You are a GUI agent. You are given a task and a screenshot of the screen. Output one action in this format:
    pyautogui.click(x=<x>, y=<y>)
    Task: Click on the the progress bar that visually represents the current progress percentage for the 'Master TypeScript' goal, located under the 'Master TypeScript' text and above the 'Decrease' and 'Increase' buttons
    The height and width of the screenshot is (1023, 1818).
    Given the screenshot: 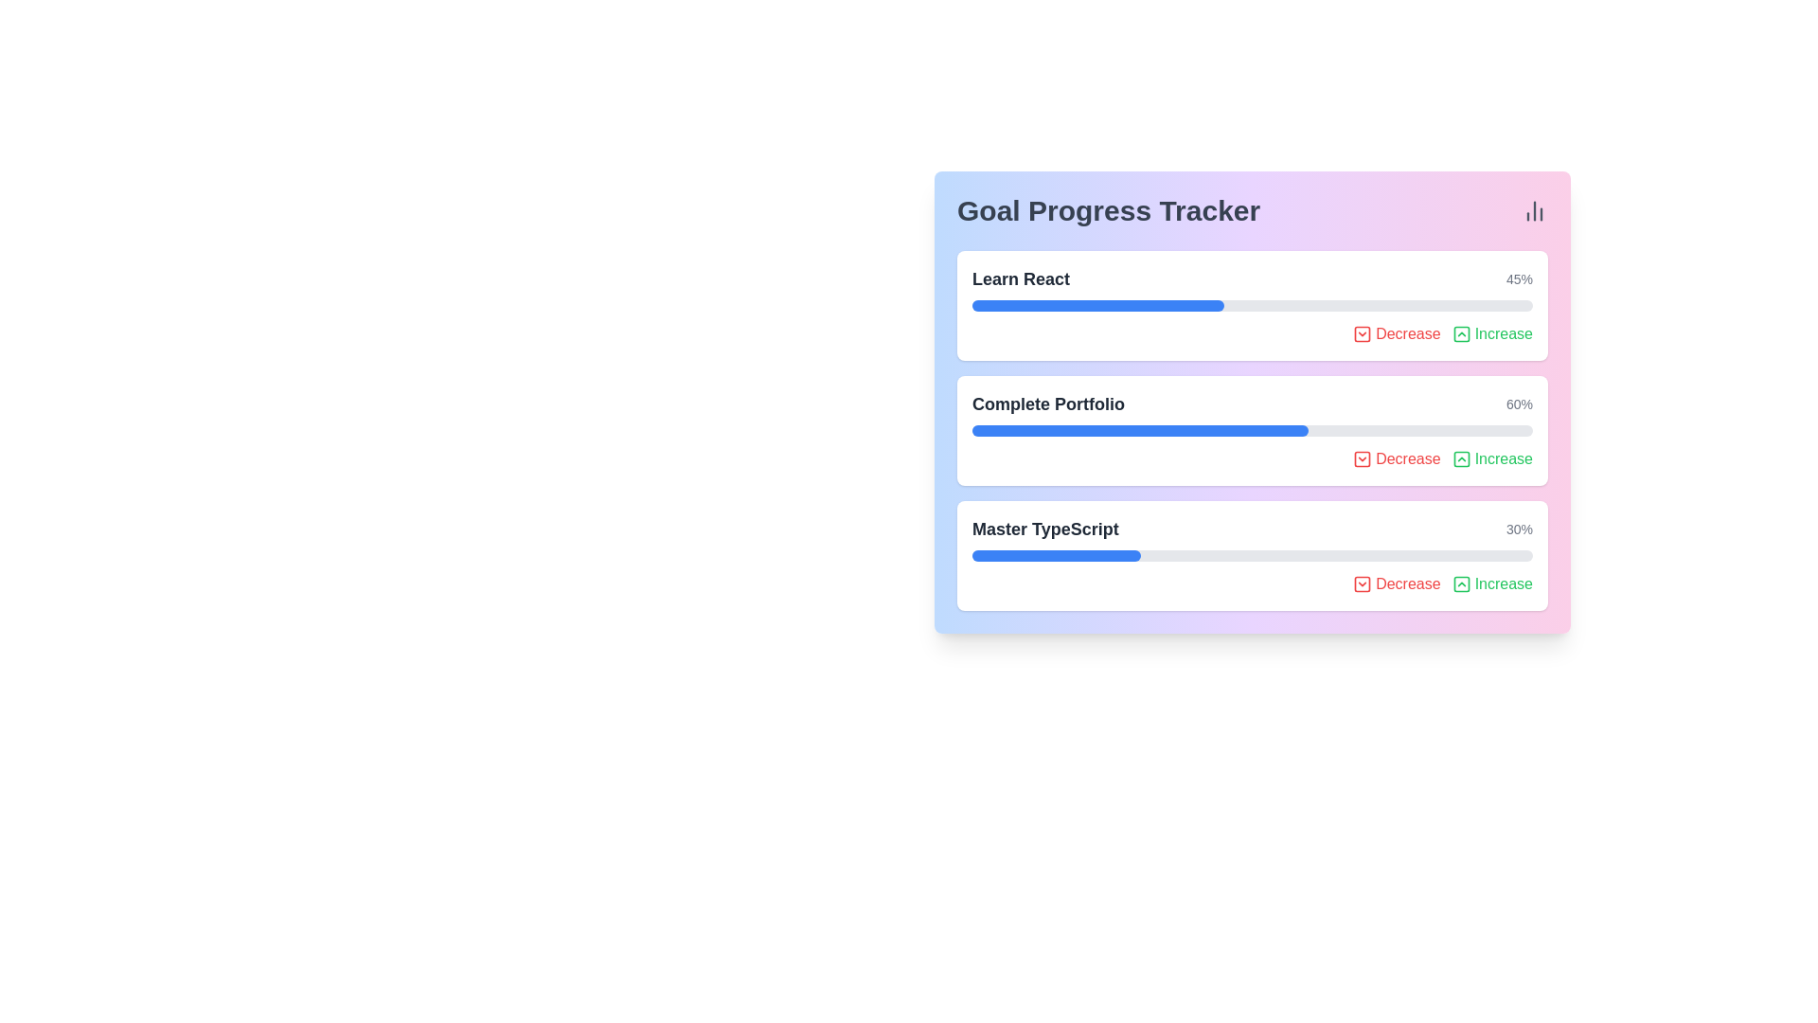 What is the action you would take?
    pyautogui.click(x=1253, y=554)
    